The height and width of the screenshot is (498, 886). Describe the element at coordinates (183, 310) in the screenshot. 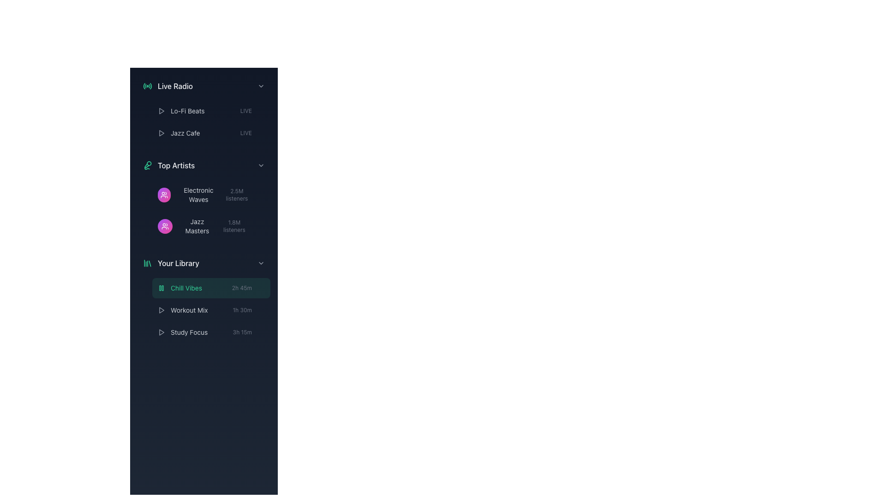

I see `the 'Workout Mix' playlist item in the 'Your Library' section` at that location.